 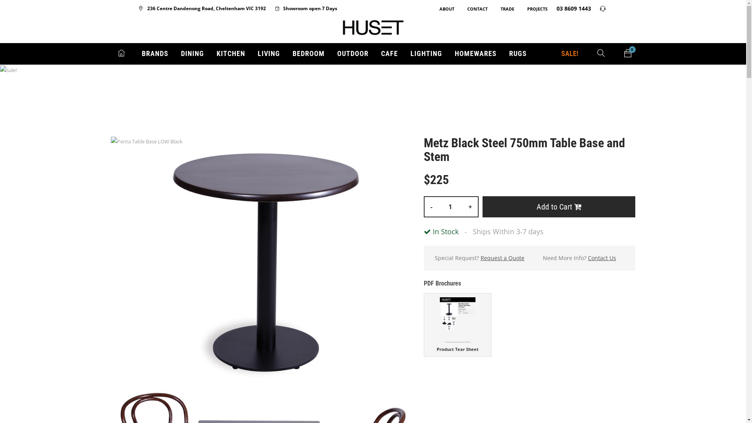 What do you see at coordinates (389, 53) in the screenshot?
I see `'CAFE'` at bounding box center [389, 53].